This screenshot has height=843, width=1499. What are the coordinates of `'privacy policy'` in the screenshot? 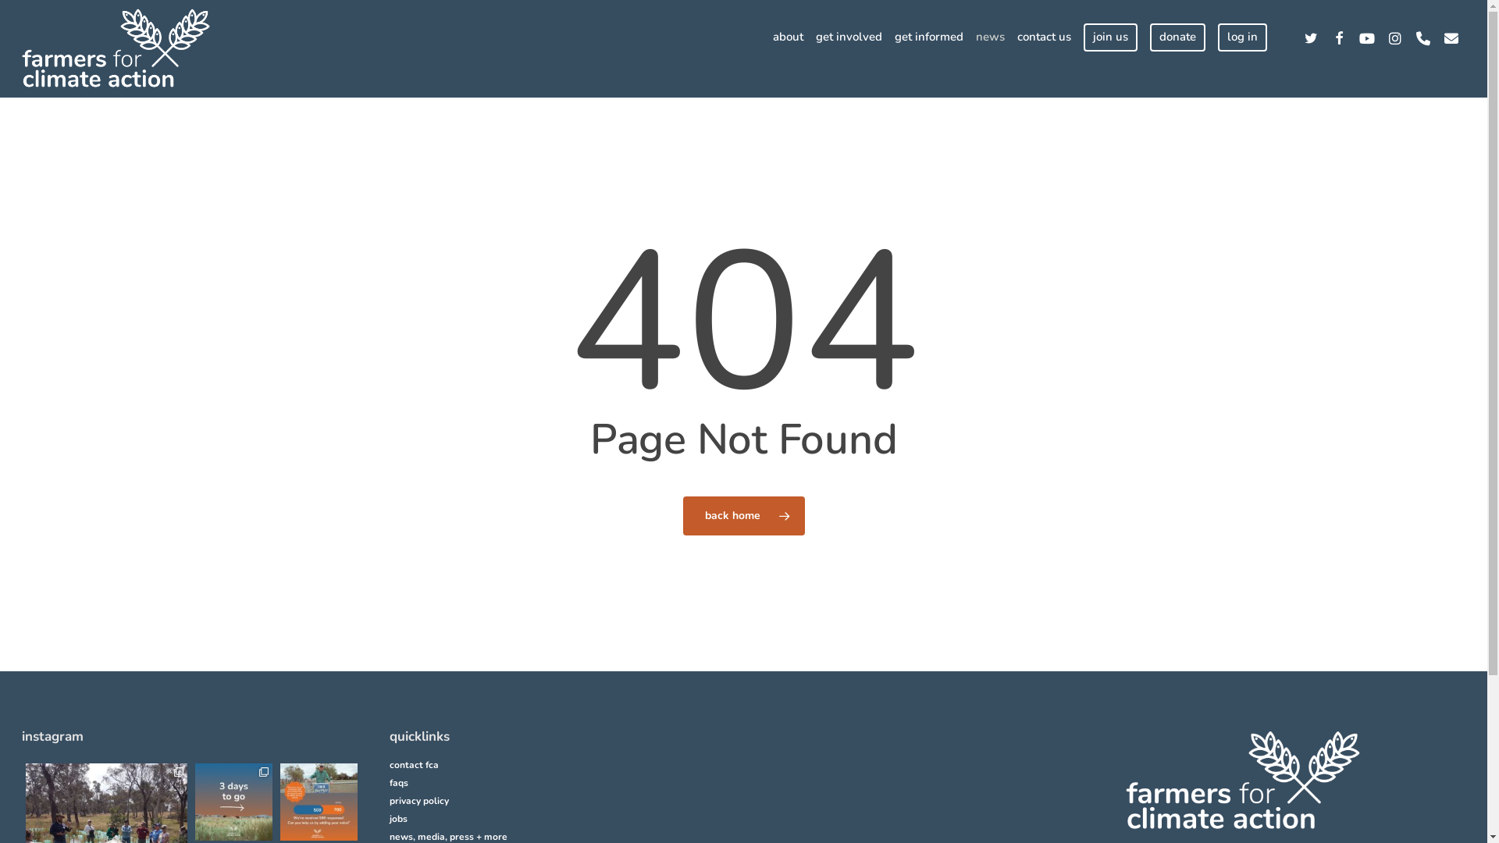 It's located at (559, 801).